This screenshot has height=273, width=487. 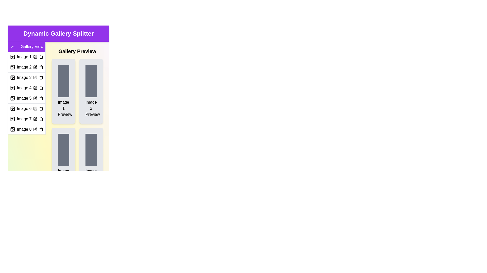 What do you see at coordinates (63, 91) in the screenshot?
I see `the image preview card located in the first row and first column of the 'Gallery Preview' section, which features a dark gray block at the top and the text 'Image 1 Preview' at the bottom` at bounding box center [63, 91].